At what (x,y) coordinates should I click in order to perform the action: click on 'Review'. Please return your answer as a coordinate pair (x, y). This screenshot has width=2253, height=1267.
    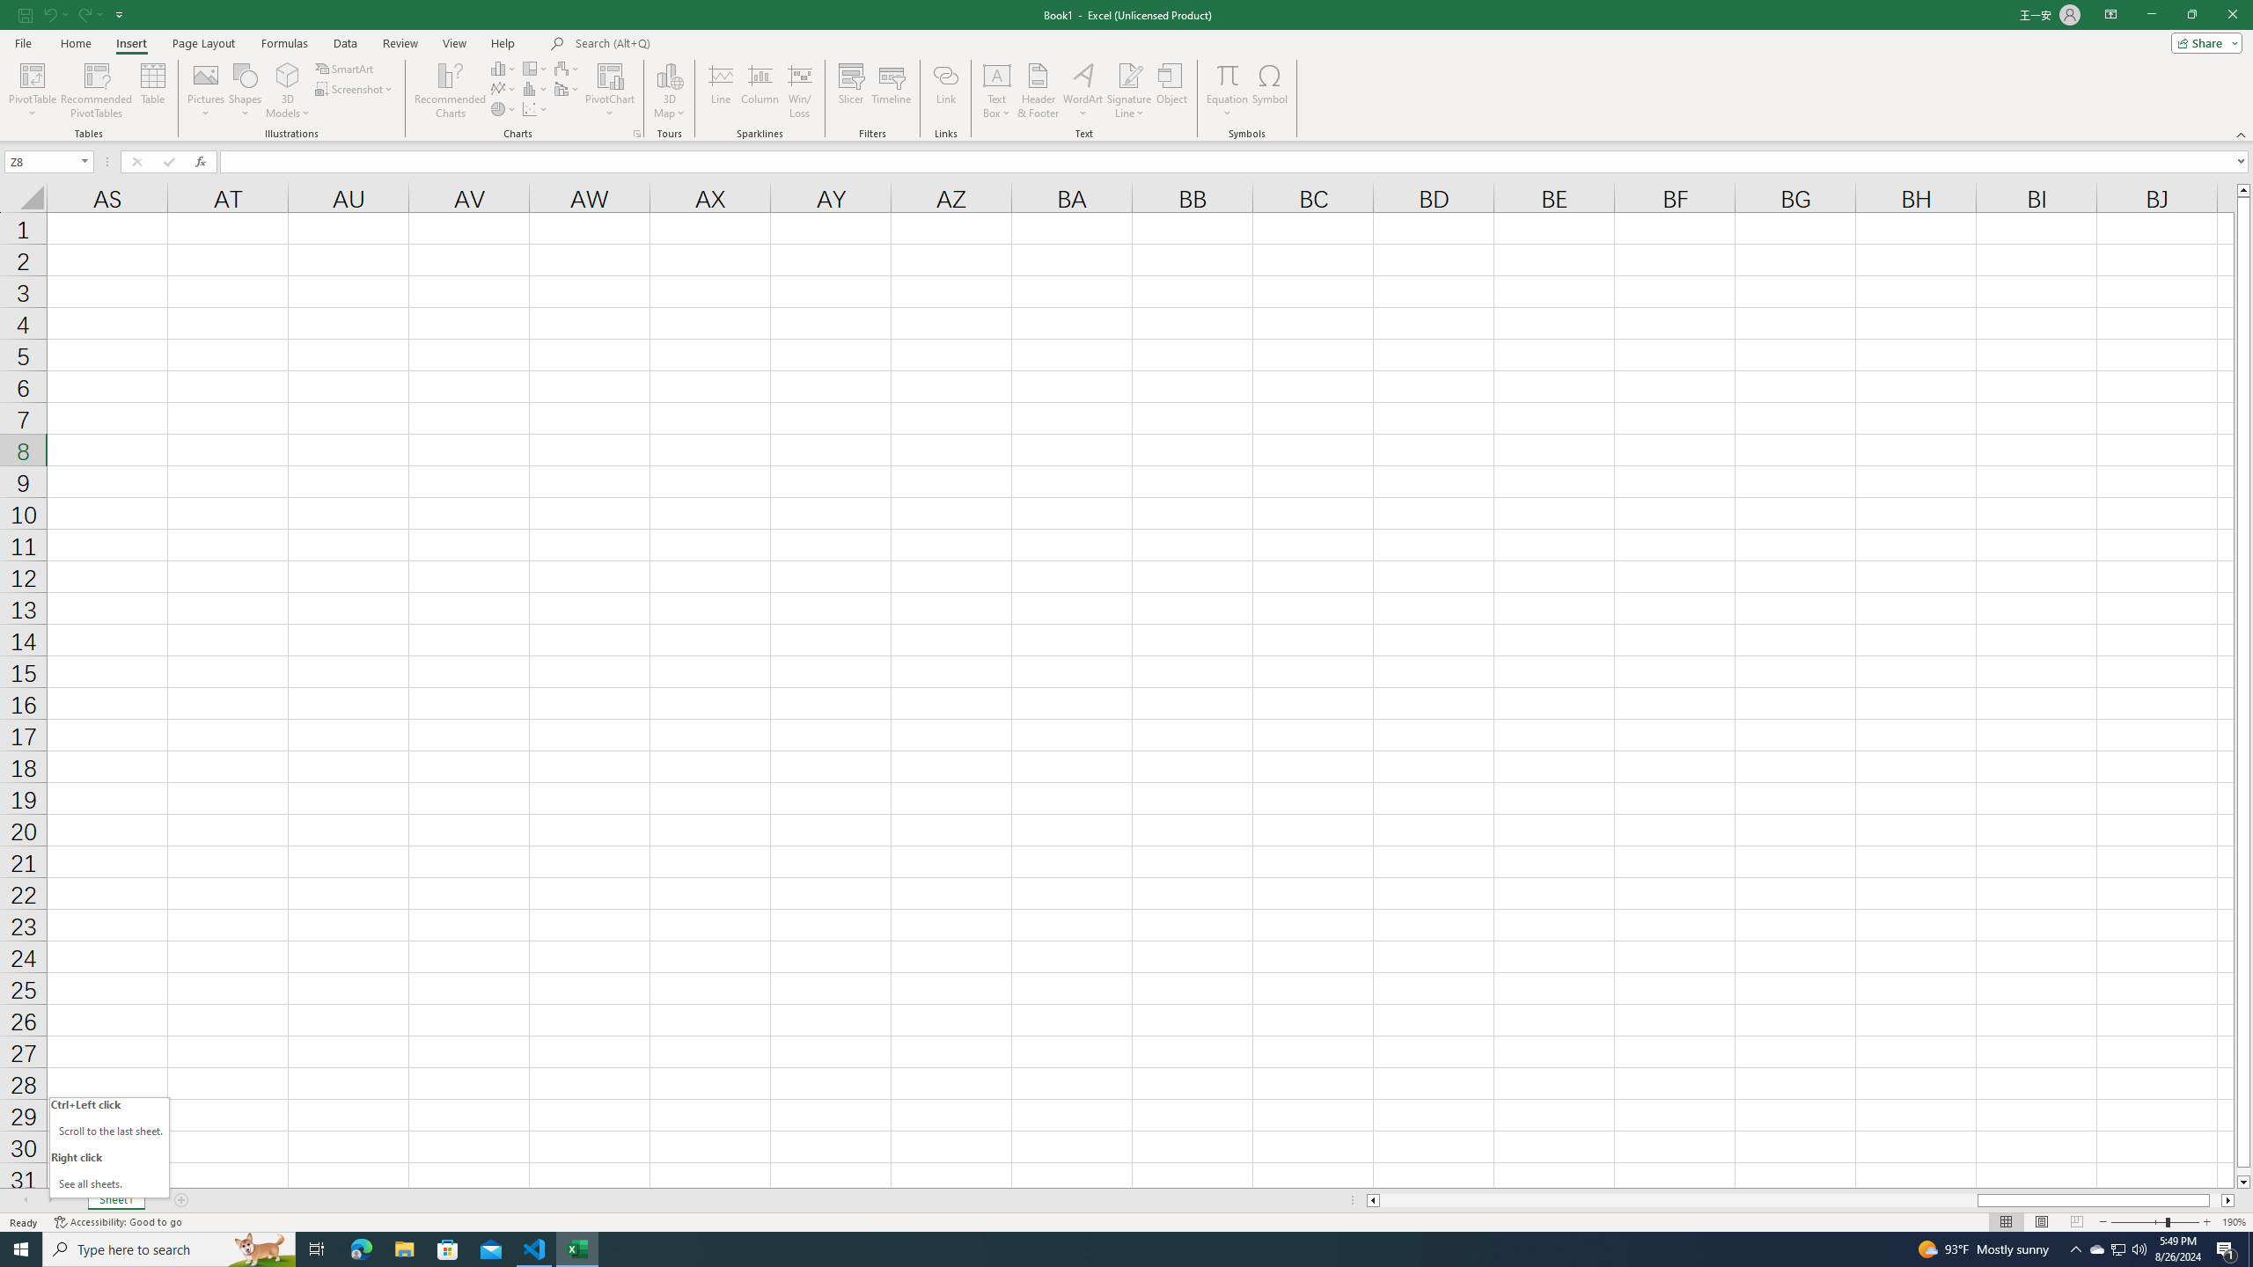
    Looking at the image, I should click on (399, 43).